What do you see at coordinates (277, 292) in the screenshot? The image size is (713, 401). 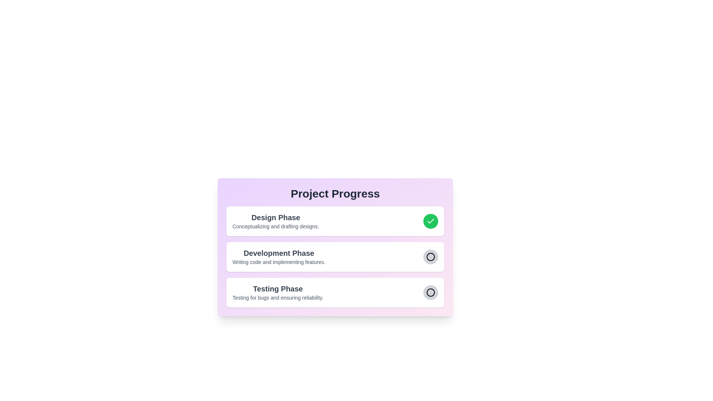 I see `the 'Testing Phase' text block, which consists of a bold title and a description, located centrally at the bottom of the visible card-like section` at bounding box center [277, 292].